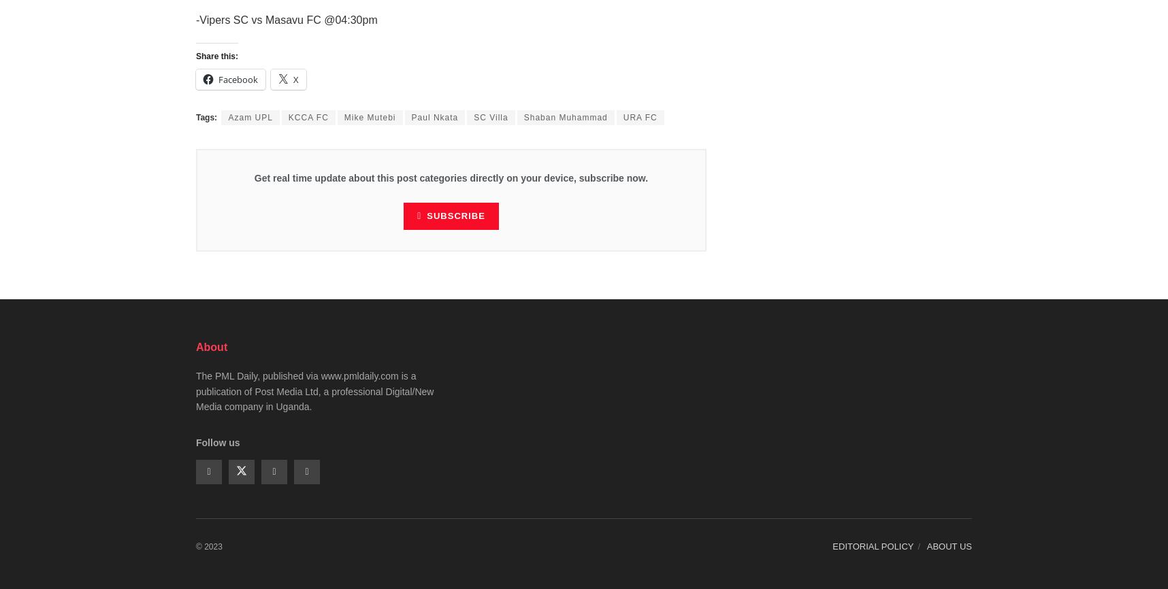 Image resolution: width=1168 pixels, height=589 pixels. I want to click on 'Mike Mutebi', so click(369, 118).